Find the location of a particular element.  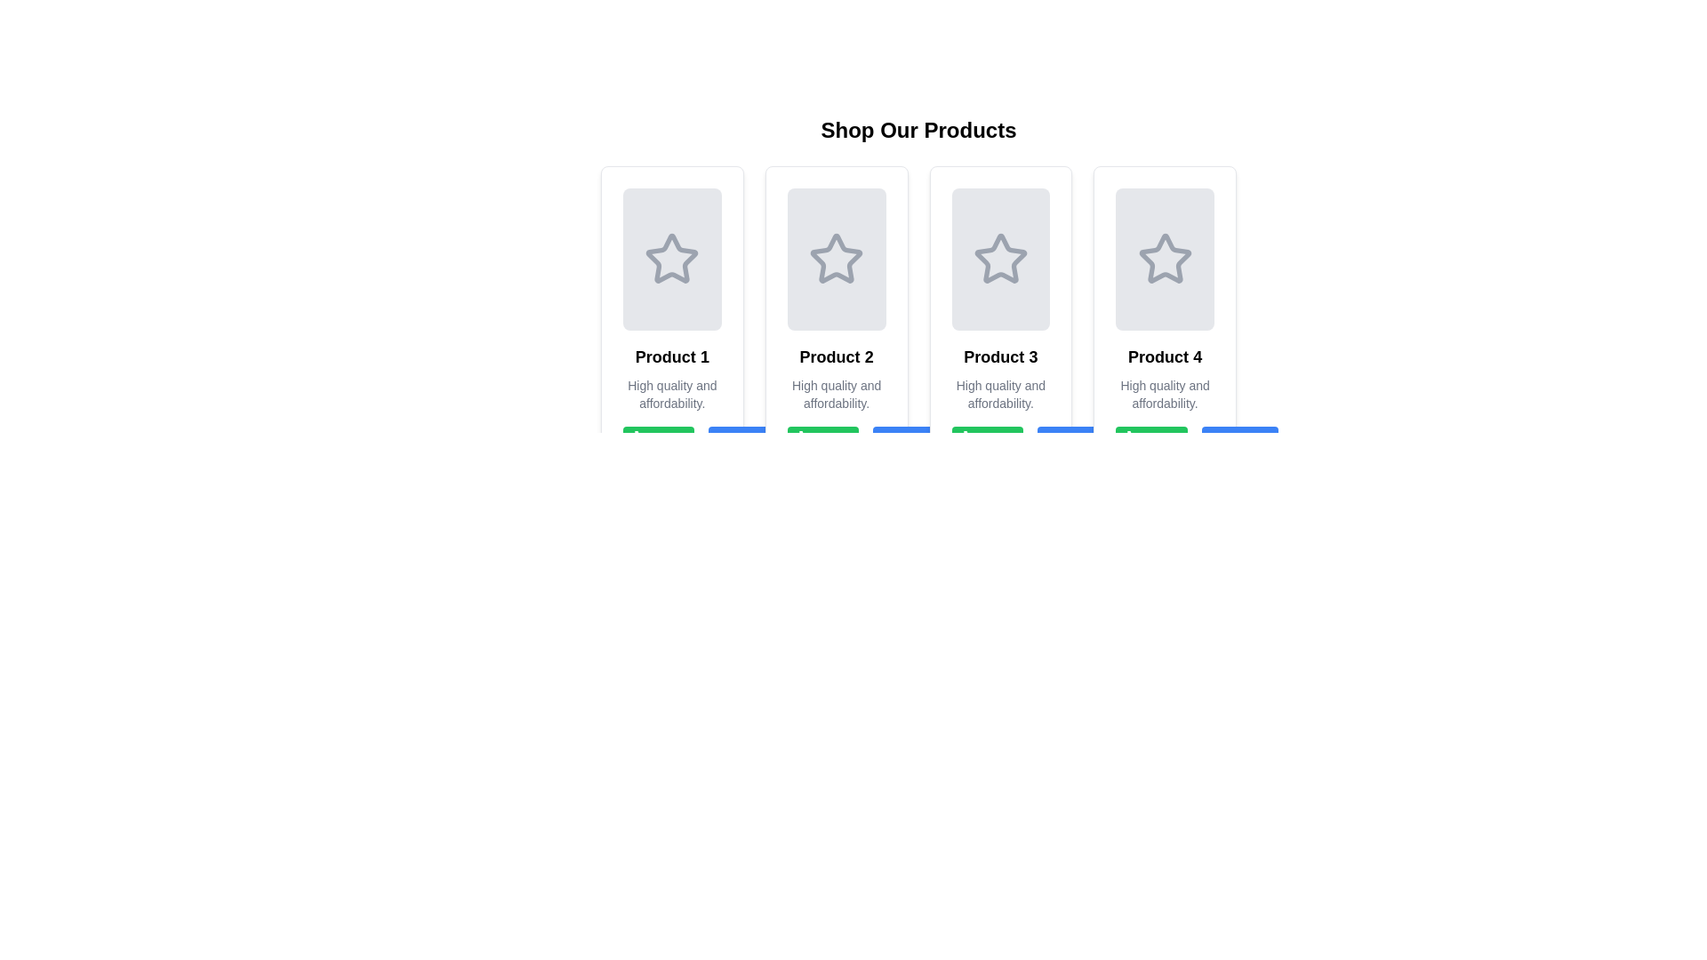

the static text label 'Product 1' is located at coordinates (671, 356).